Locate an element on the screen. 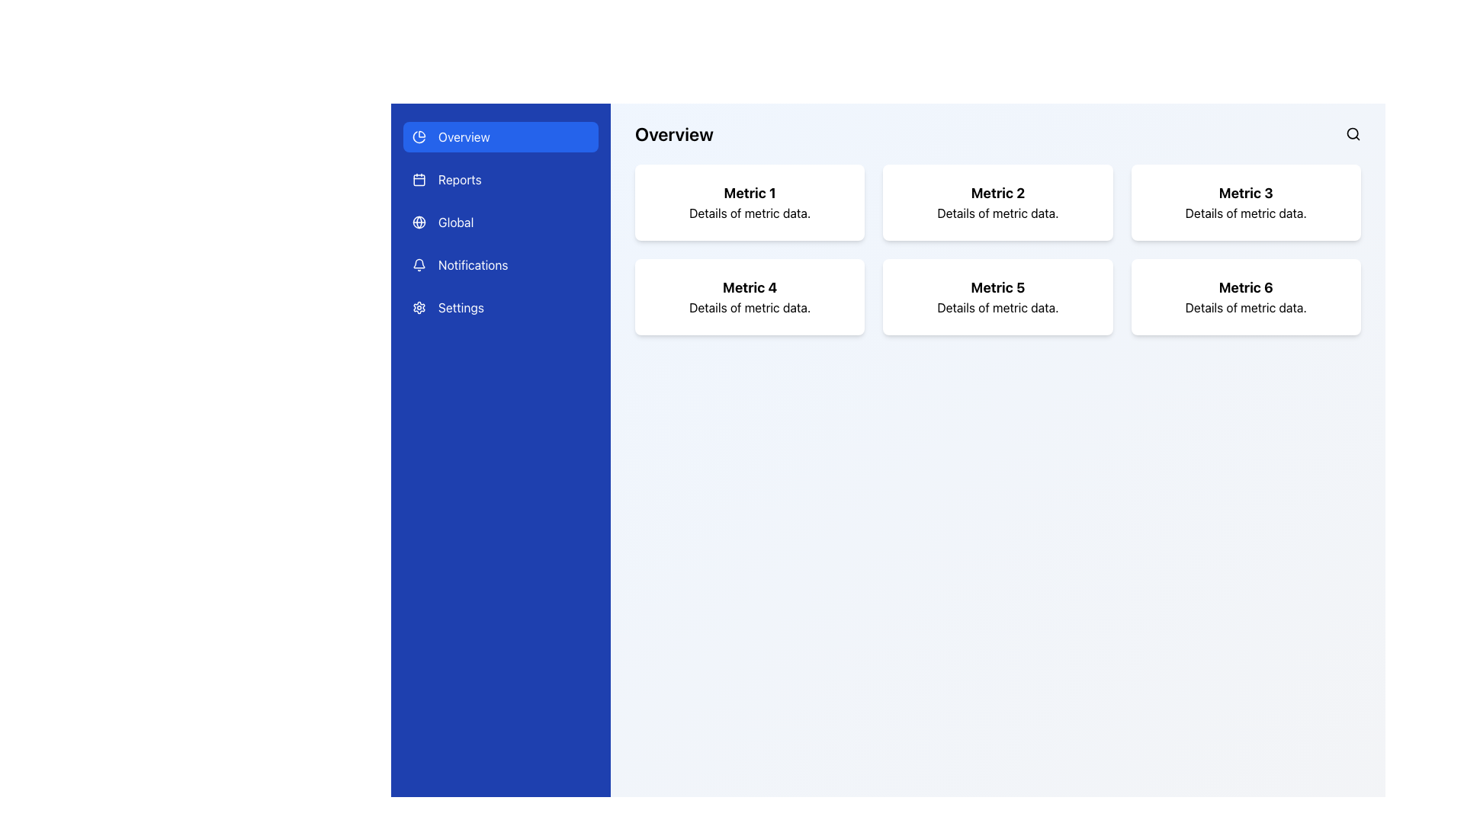 This screenshot has width=1464, height=823. the informational card located in the top row of the grid layout, which is the second card from the left, positioned between 'Metric 1' and 'Metric 3' is located at coordinates (998, 202).